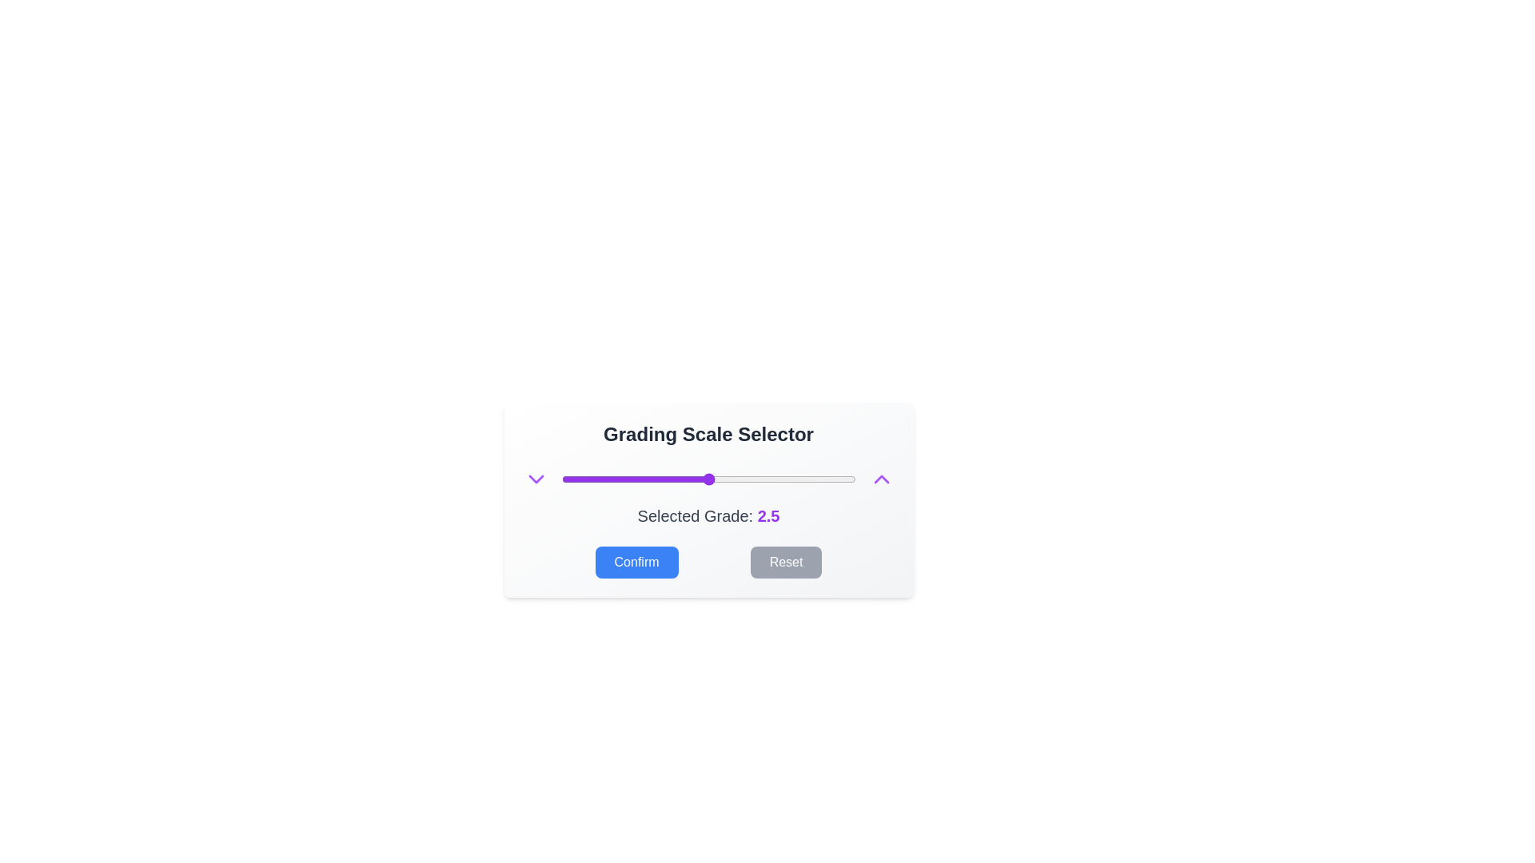  I want to click on Confirm button to confirm the selected grade, so click(636, 562).